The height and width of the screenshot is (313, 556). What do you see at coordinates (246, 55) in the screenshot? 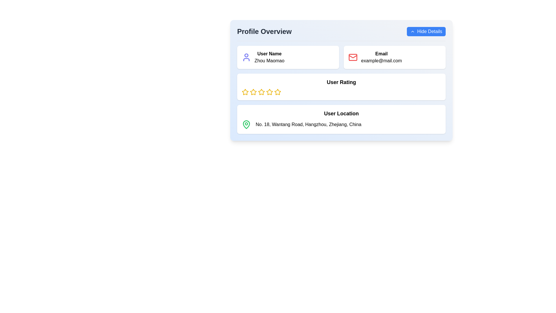
I see `the small circular icon that forms the central part of the user avatar icon within the purple-themed user information card located on the left side of the 'User Name' section in the 'Profile Overview' card` at bounding box center [246, 55].